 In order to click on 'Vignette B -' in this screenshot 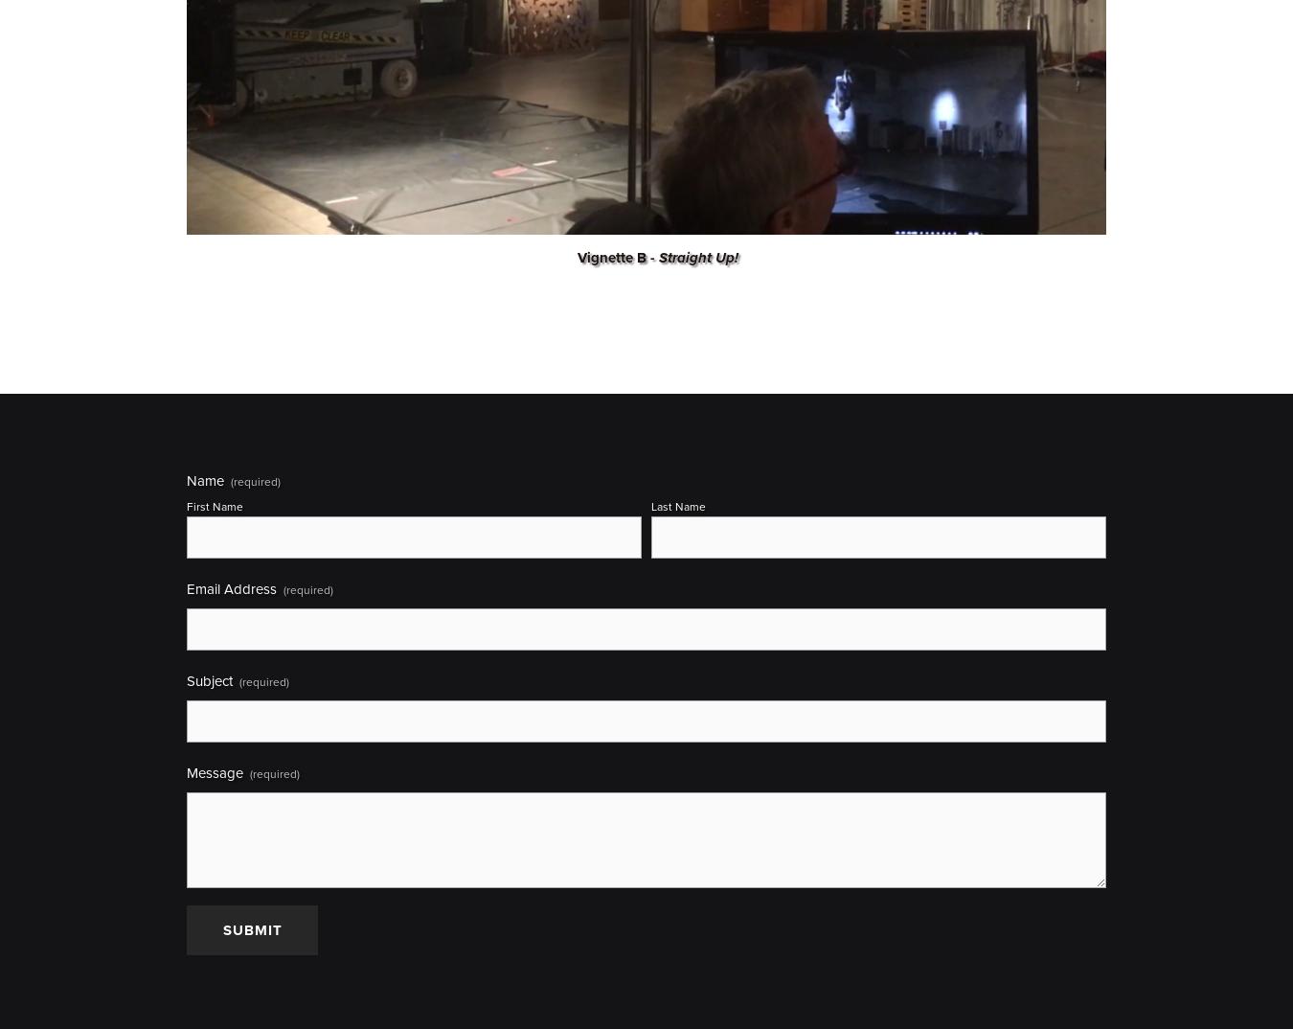, I will do `click(618, 255)`.